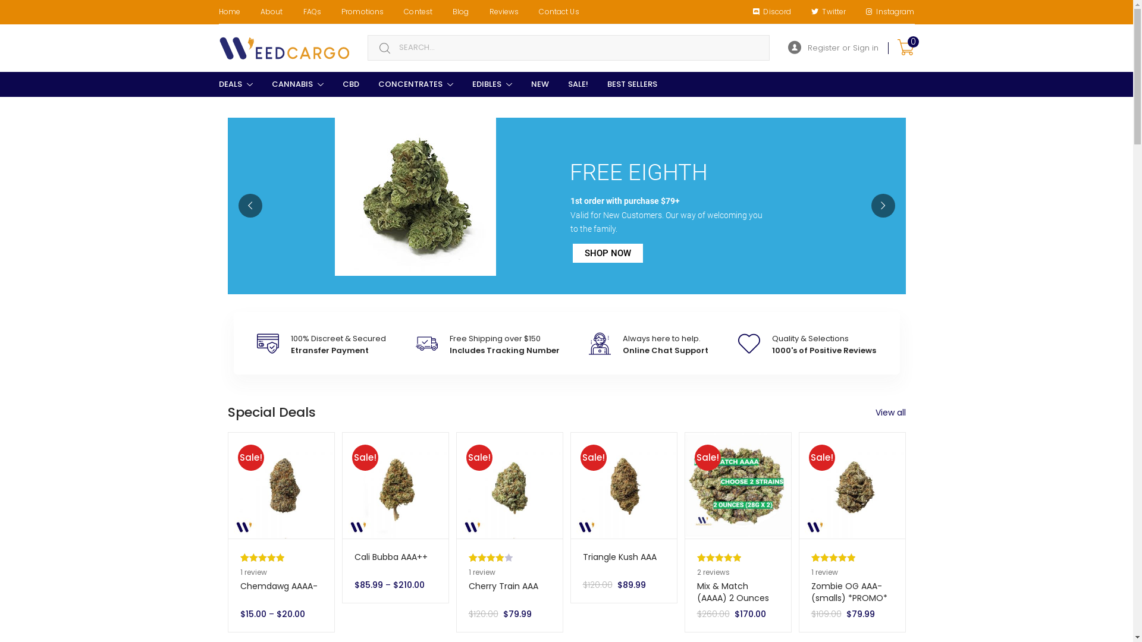 This screenshot has width=1142, height=642. What do you see at coordinates (236, 84) in the screenshot?
I see `'DEALS'` at bounding box center [236, 84].